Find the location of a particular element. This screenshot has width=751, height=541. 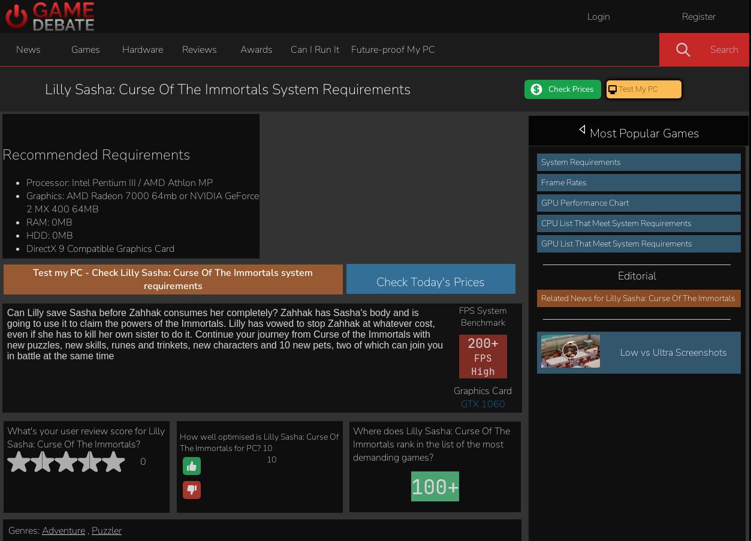

'Build It' is located at coordinates (391, 505).